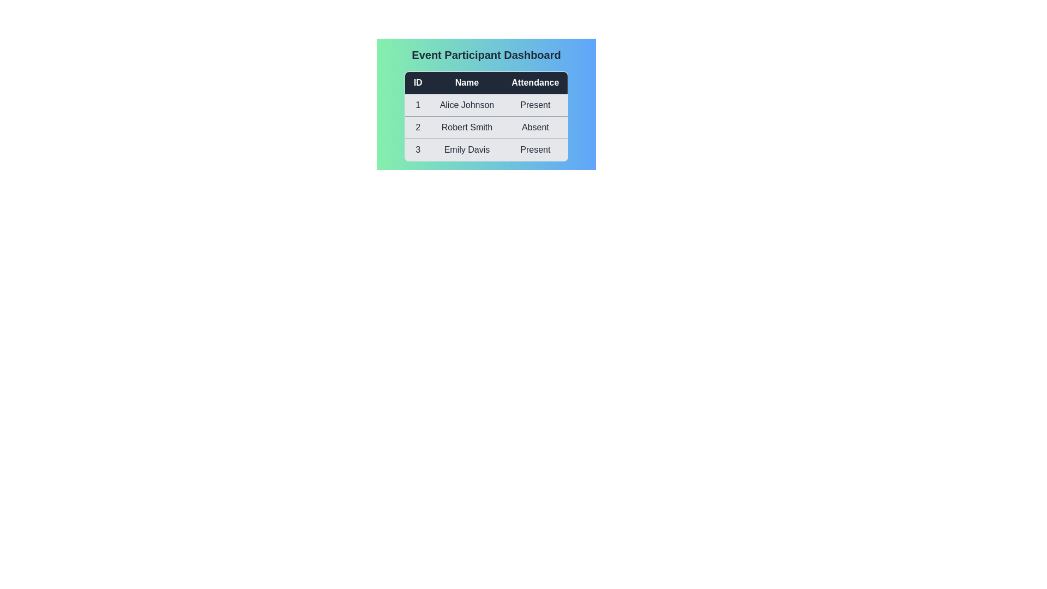 The width and height of the screenshot is (1047, 589). Describe the element at coordinates (486, 127) in the screenshot. I see `the second row of the table displaying data for 'Robert Smith', which shows the ID '2', Name 'Robert Smith', and Attendance 'Absent'` at that location.